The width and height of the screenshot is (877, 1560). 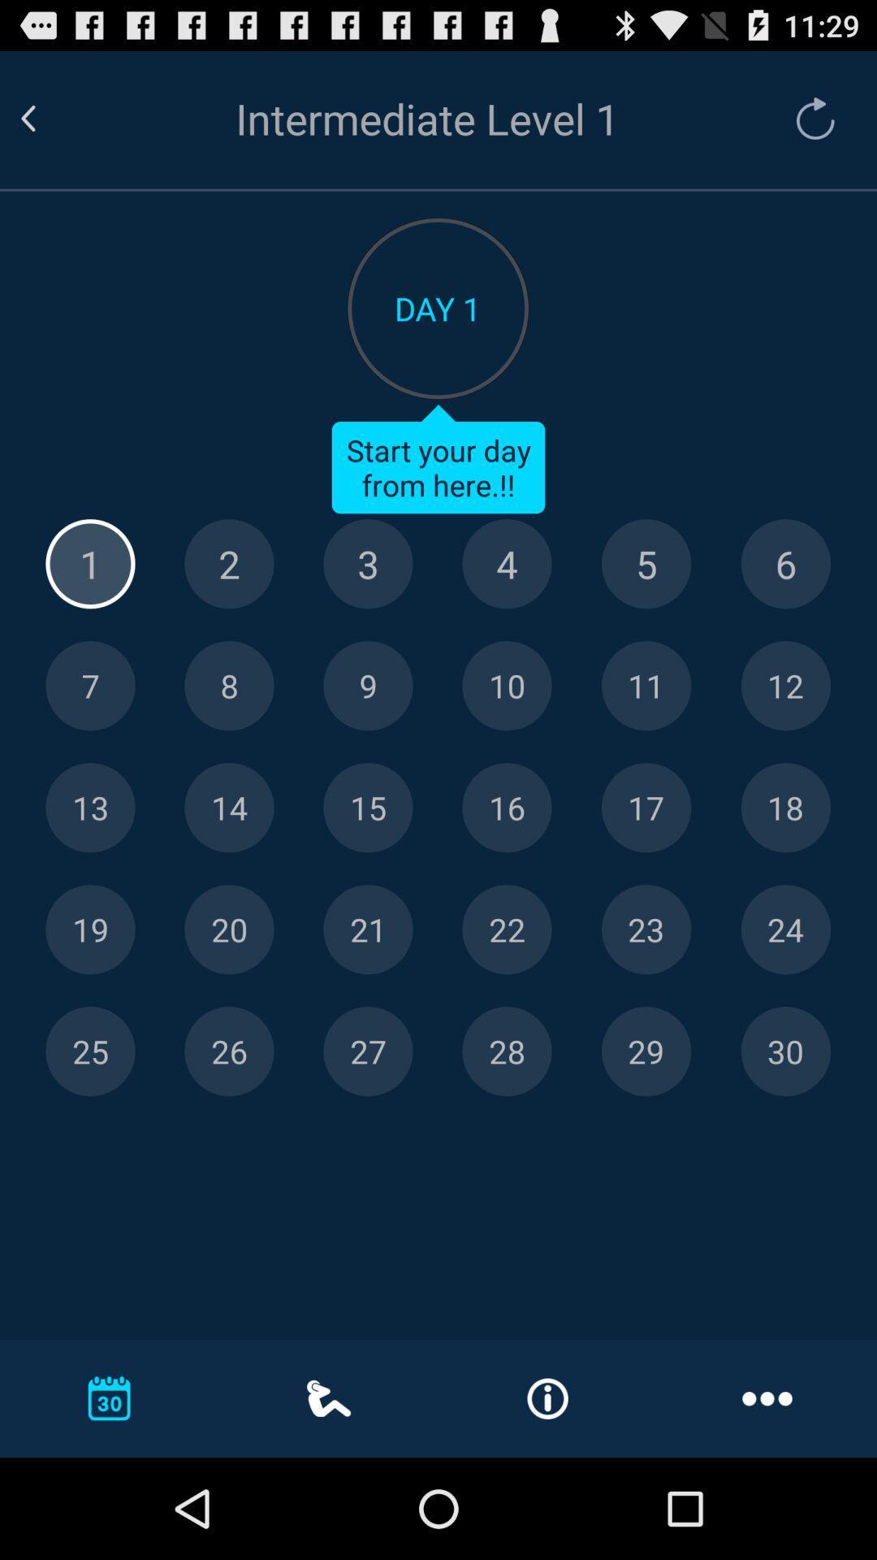 What do you see at coordinates (506, 808) in the screenshot?
I see `date on calendar` at bounding box center [506, 808].